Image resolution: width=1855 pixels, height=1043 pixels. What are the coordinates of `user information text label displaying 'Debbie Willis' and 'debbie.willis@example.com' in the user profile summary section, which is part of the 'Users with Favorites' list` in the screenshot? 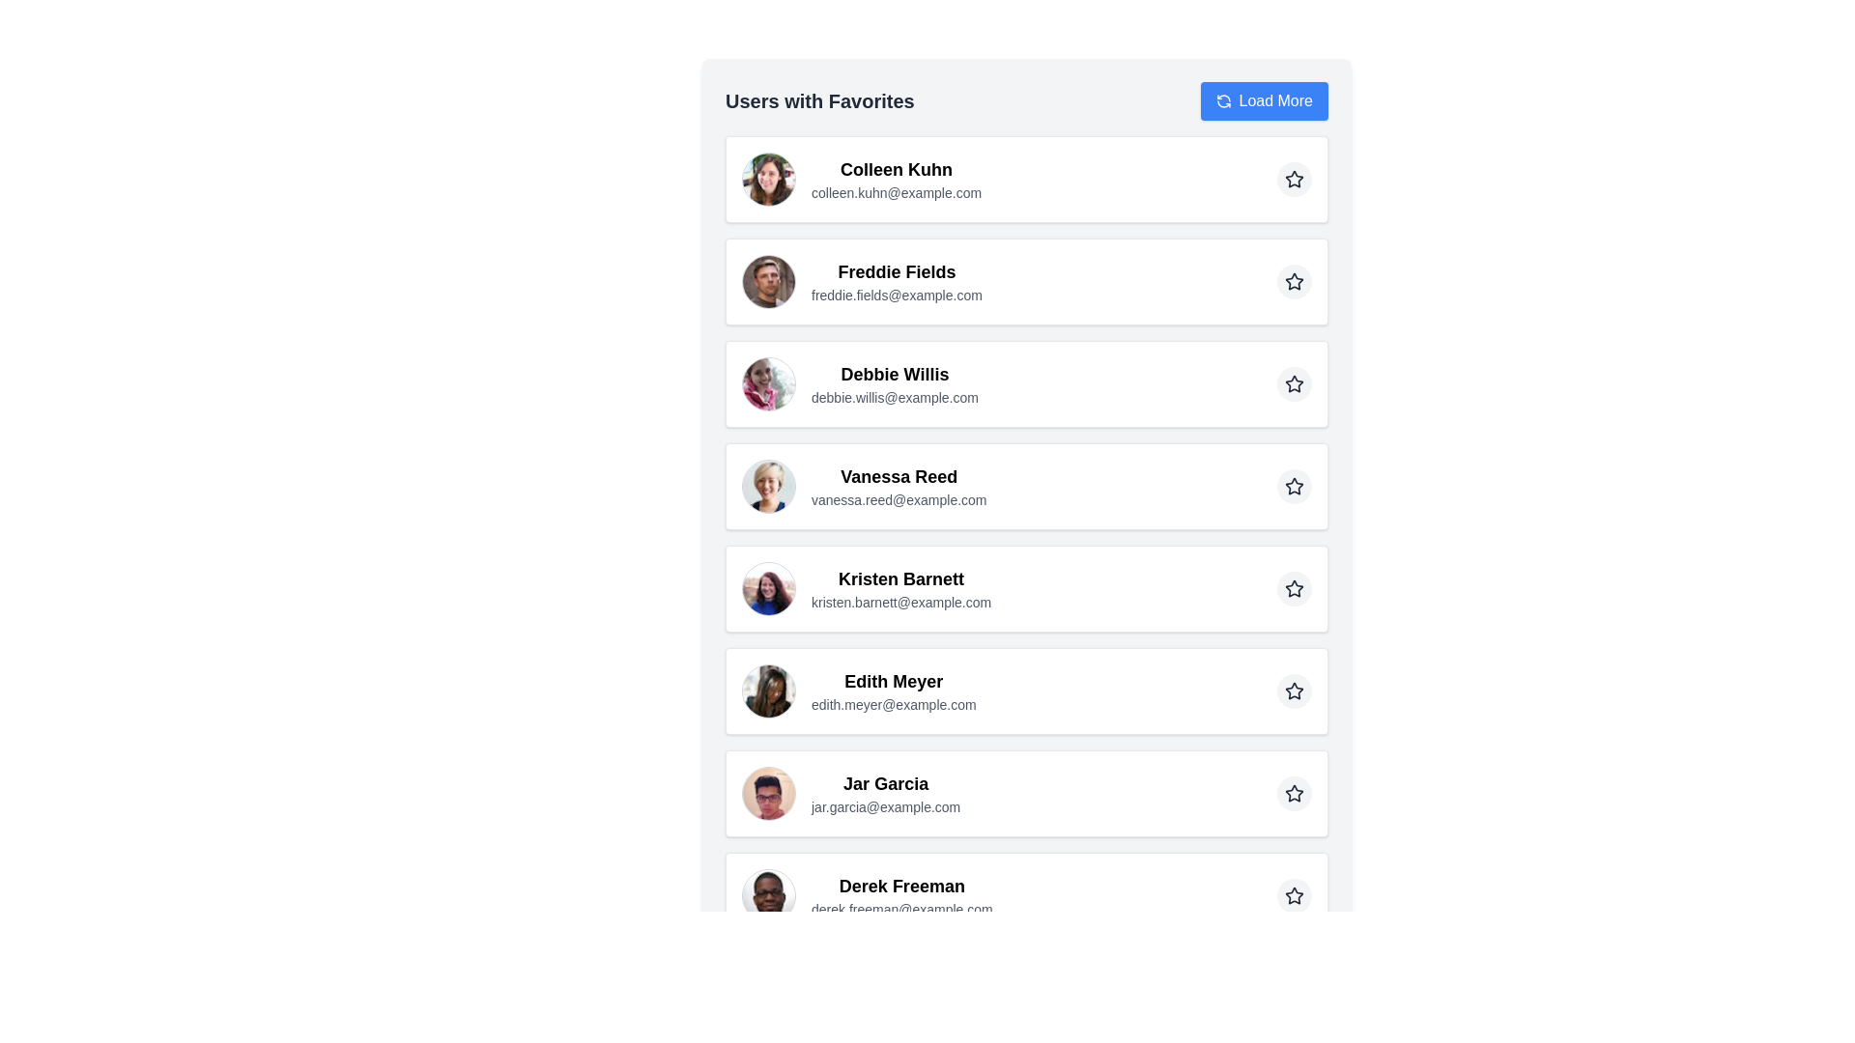 It's located at (894, 383).